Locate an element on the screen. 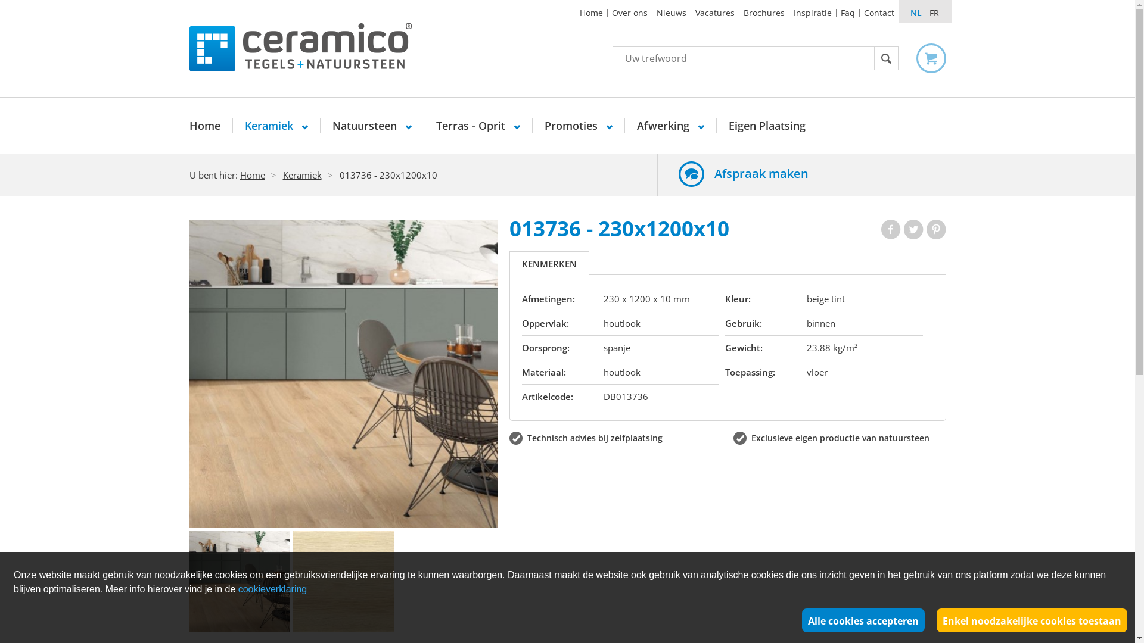 The image size is (1144, 643). 'Pinterest' is located at coordinates (935, 229).